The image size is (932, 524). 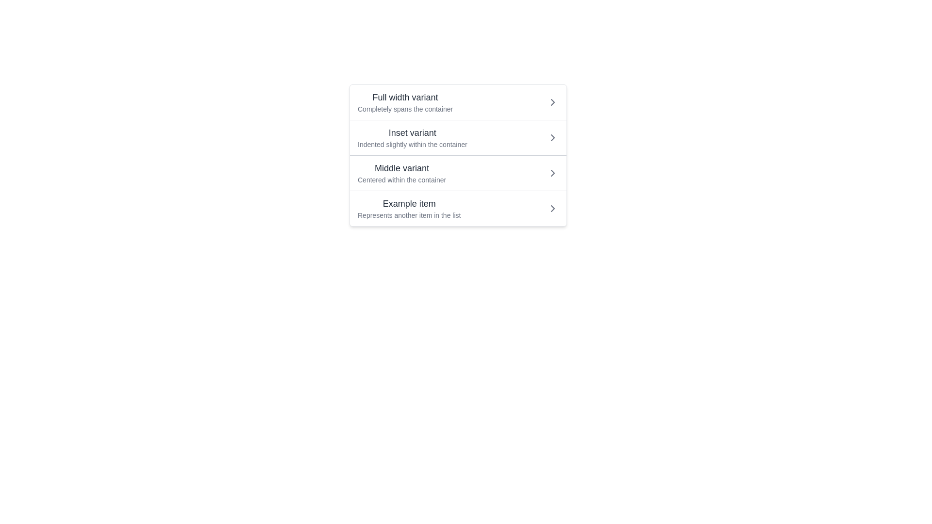 What do you see at coordinates (458, 155) in the screenshot?
I see `the second selectable list item that provides information about the 'Inset variant' within a vertical list of four elements` at bounding box center [458, 155].